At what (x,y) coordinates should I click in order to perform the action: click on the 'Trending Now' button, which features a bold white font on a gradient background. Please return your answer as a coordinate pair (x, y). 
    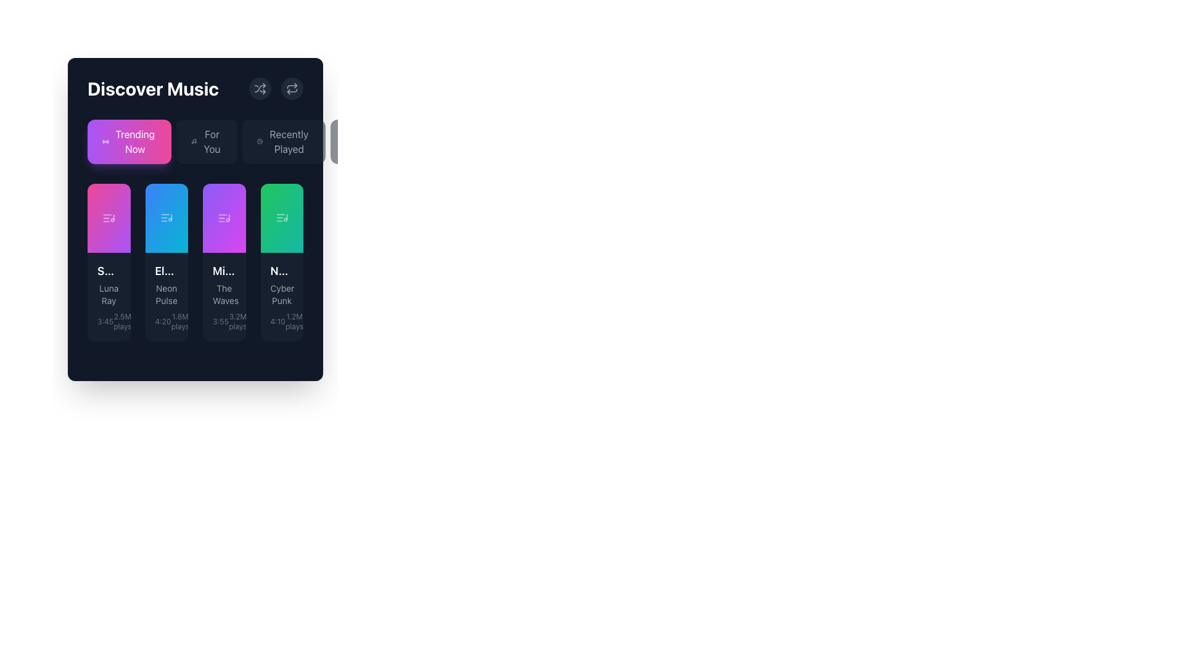
    Looking at the image, I should click on (135, 141).